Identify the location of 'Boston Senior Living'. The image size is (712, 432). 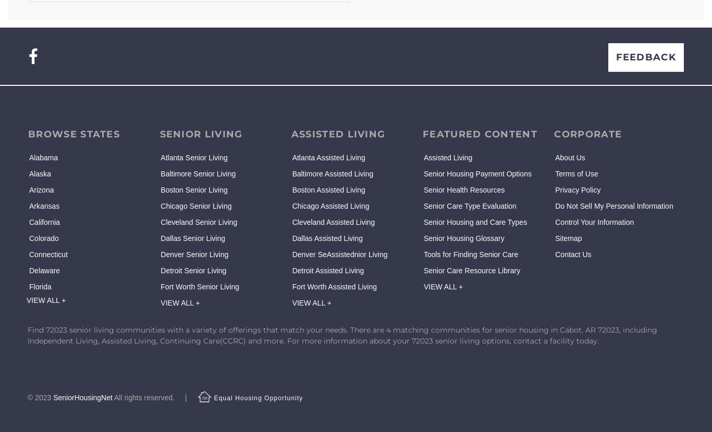
(193, 190).